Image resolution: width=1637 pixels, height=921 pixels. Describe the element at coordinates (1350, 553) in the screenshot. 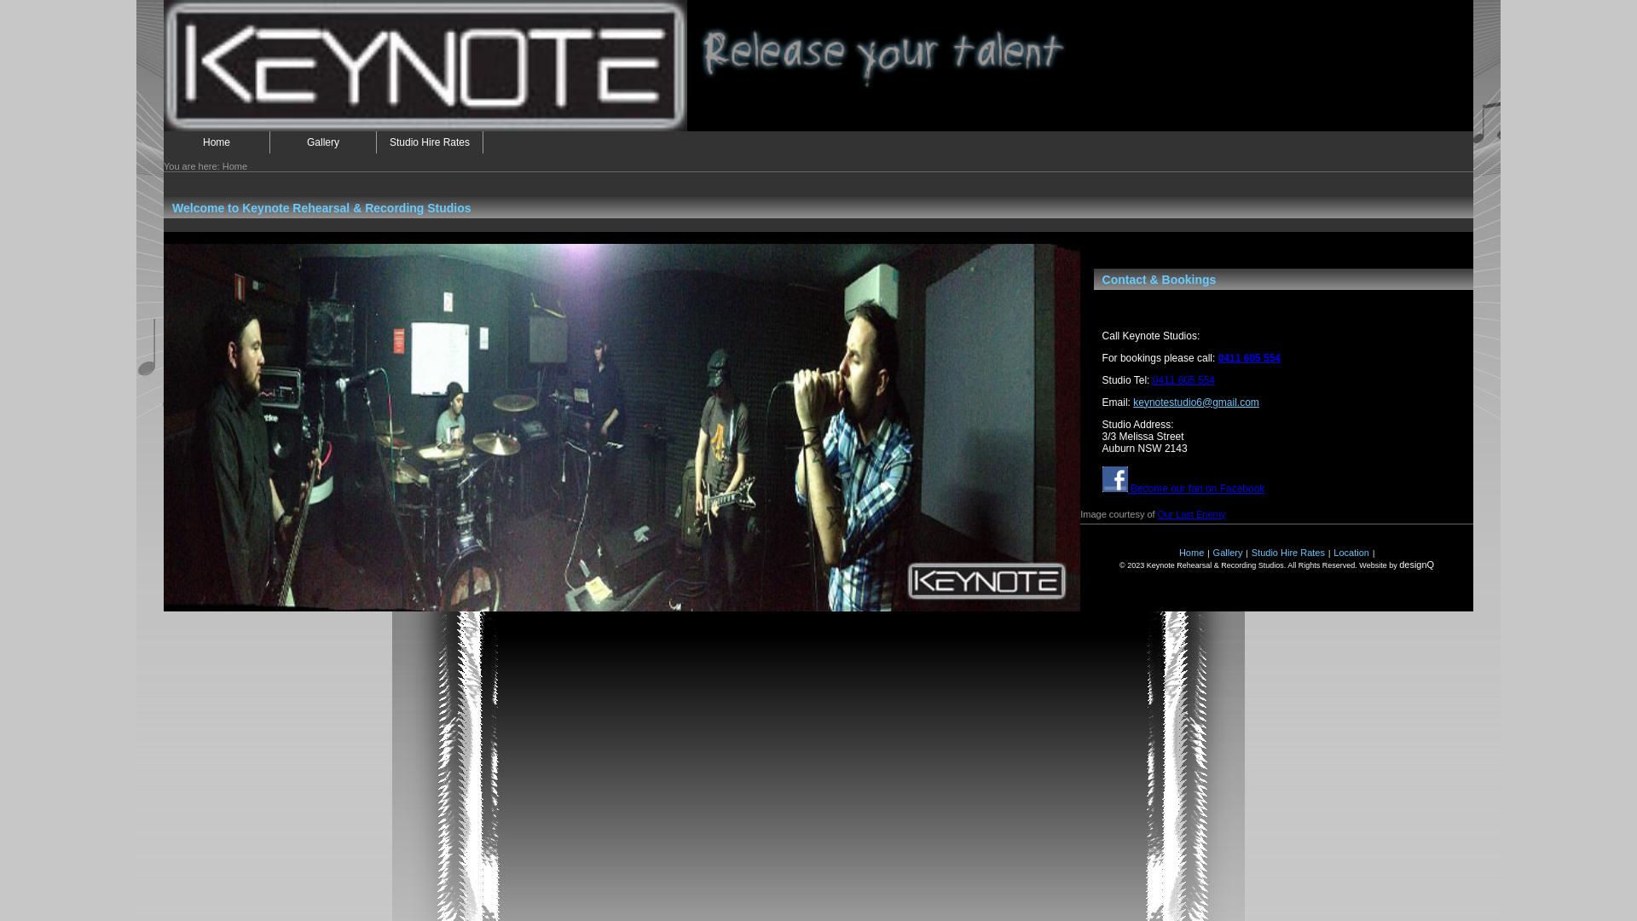

I see `'Location'` at that location.